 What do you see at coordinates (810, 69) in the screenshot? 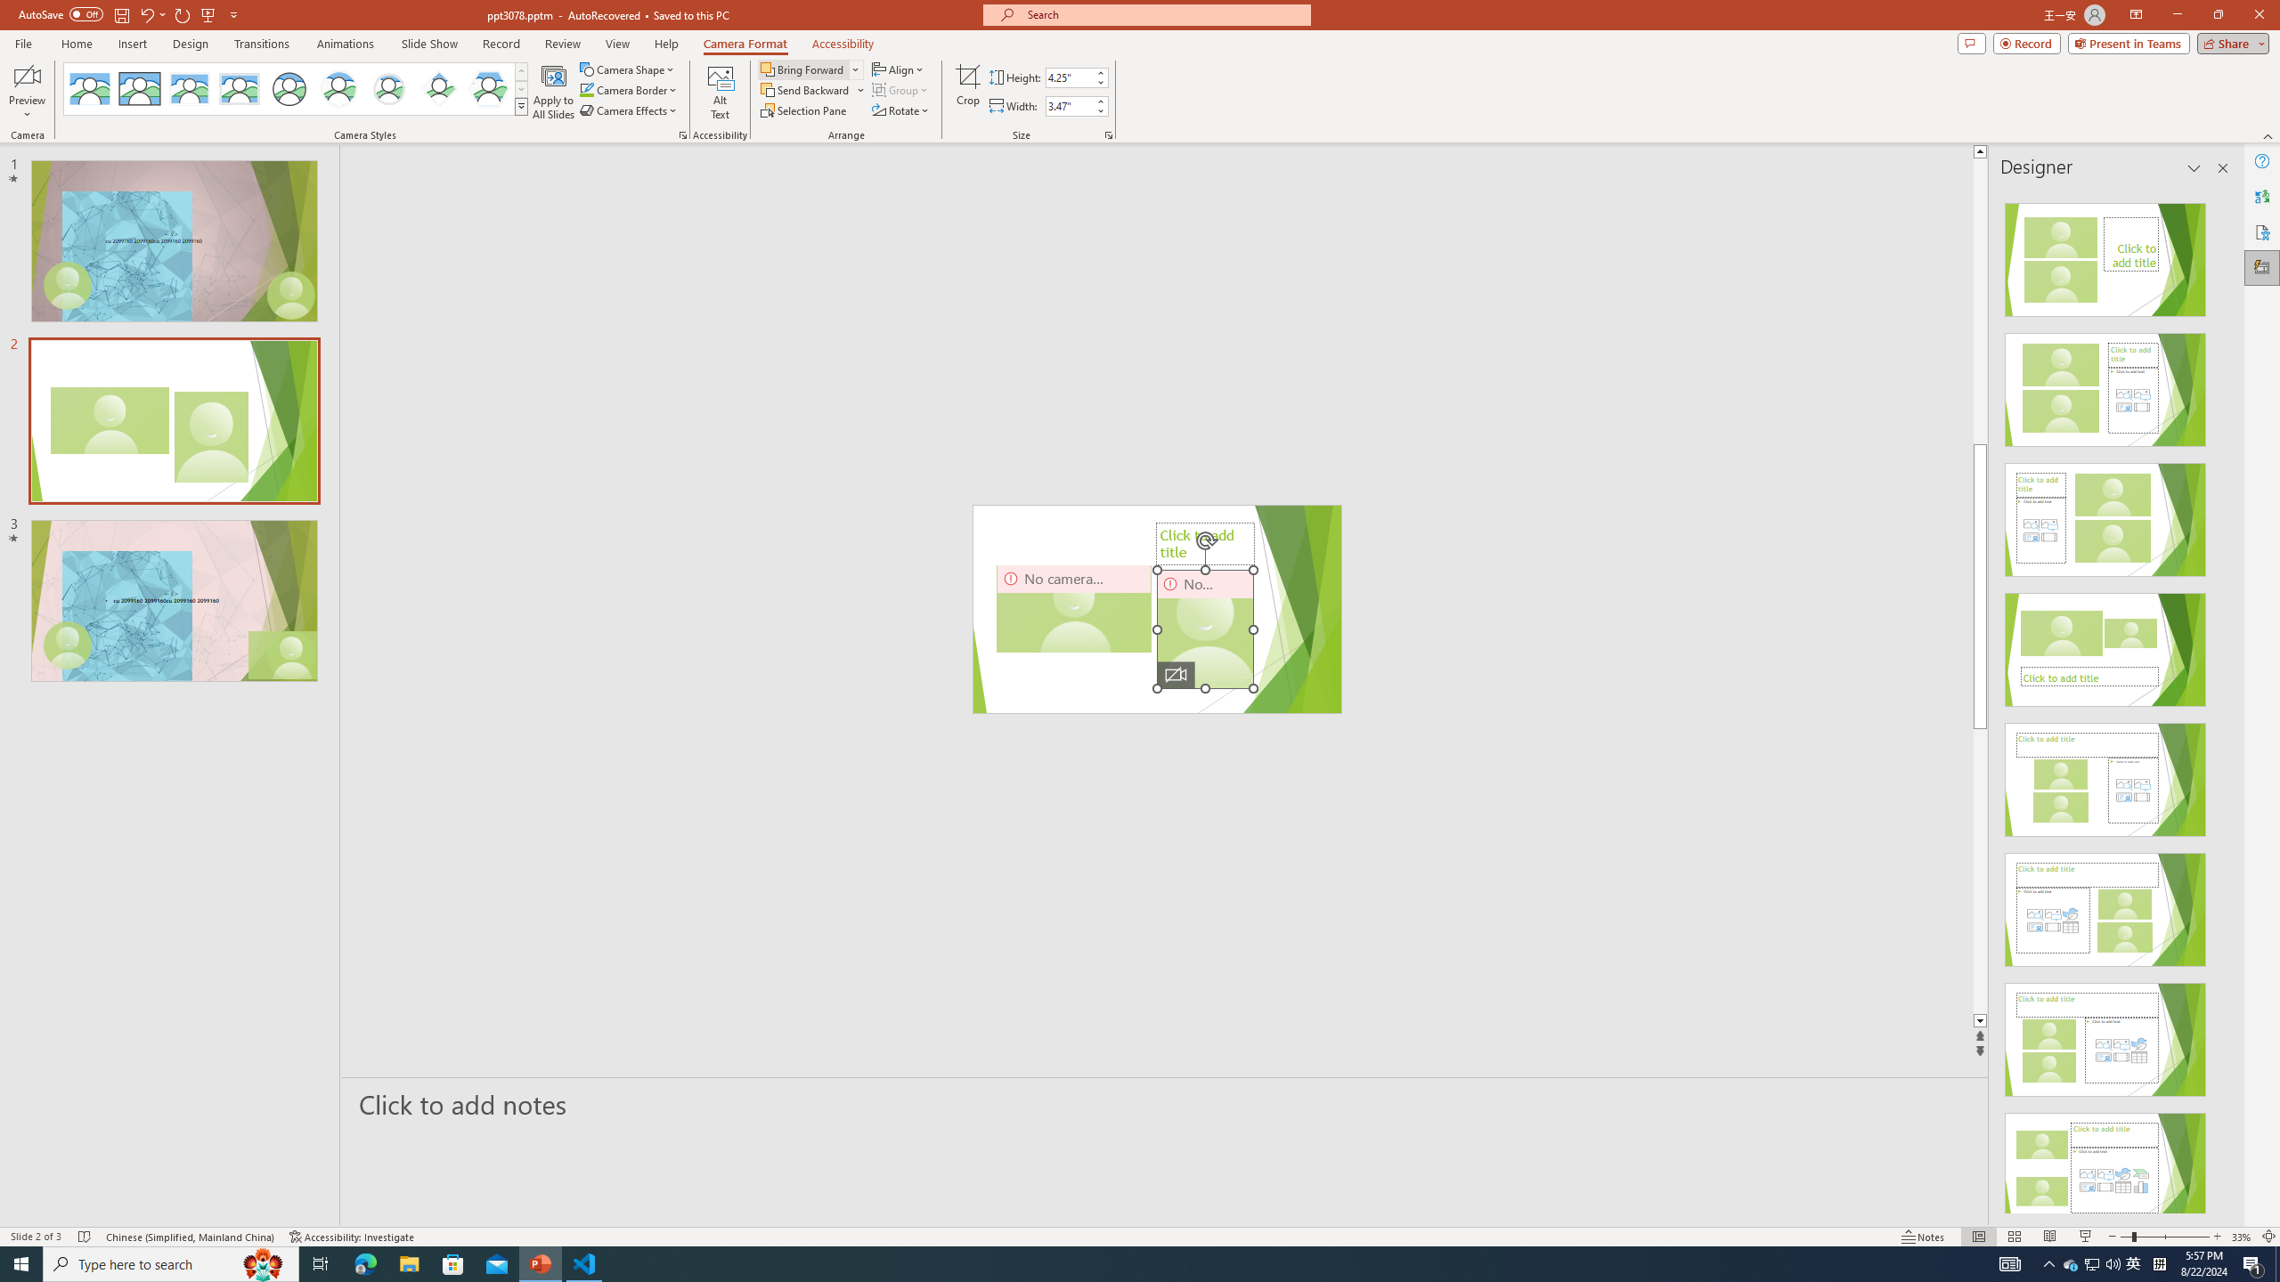
I see `'Bring Forward'` at bounding box center [810, 69].